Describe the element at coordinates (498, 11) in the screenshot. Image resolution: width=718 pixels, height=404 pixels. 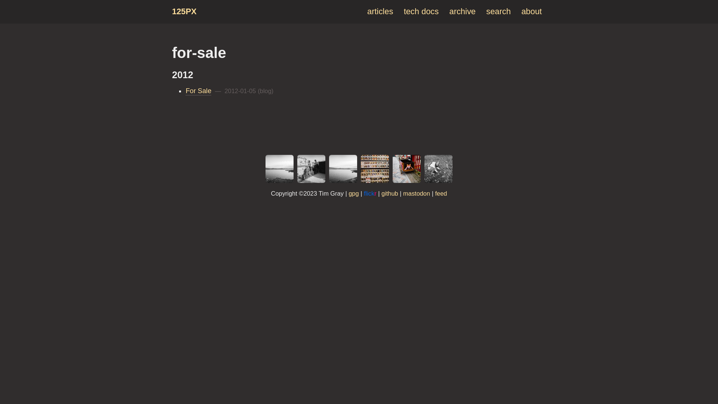
I see `'search'` at that location.